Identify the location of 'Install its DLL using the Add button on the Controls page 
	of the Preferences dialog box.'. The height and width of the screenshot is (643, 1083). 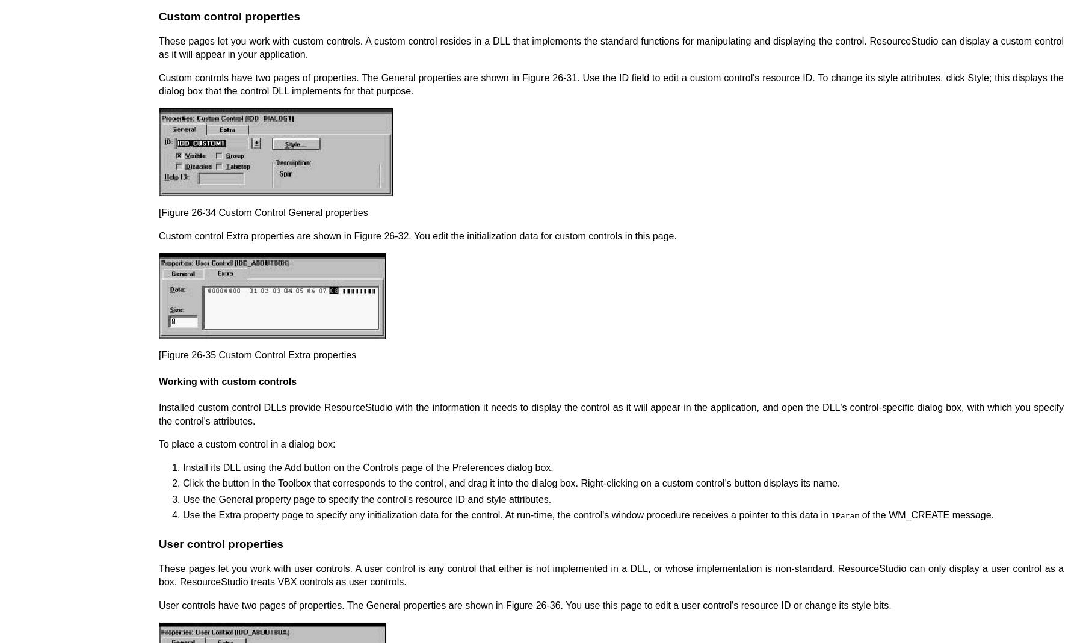
(368, 467).